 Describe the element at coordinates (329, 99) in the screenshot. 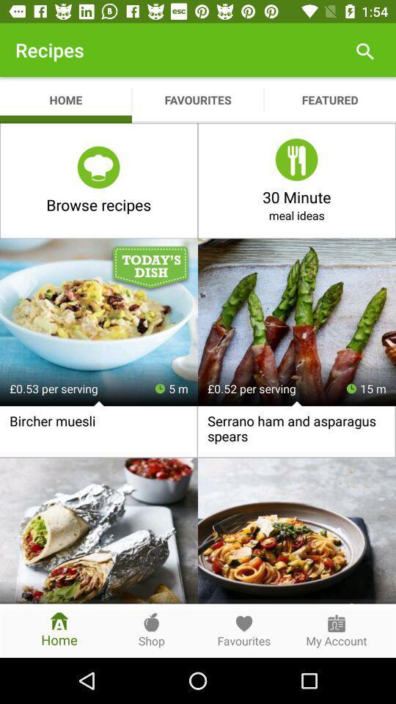

I see `the app next to favourites` at that location.